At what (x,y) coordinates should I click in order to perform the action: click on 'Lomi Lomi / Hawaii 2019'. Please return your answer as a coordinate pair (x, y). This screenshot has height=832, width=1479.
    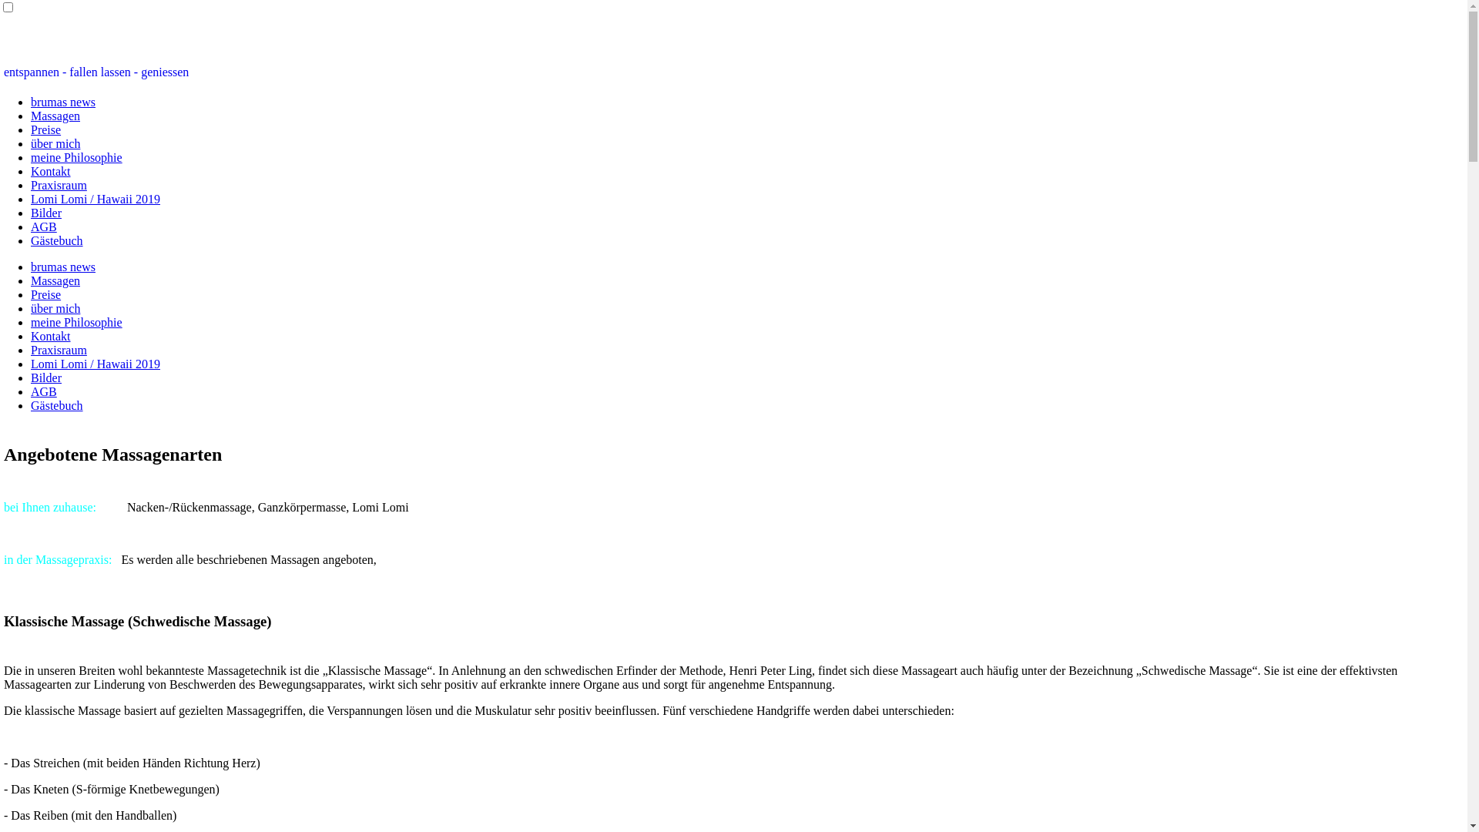
    Looking at the image, I should click on (95, 364).